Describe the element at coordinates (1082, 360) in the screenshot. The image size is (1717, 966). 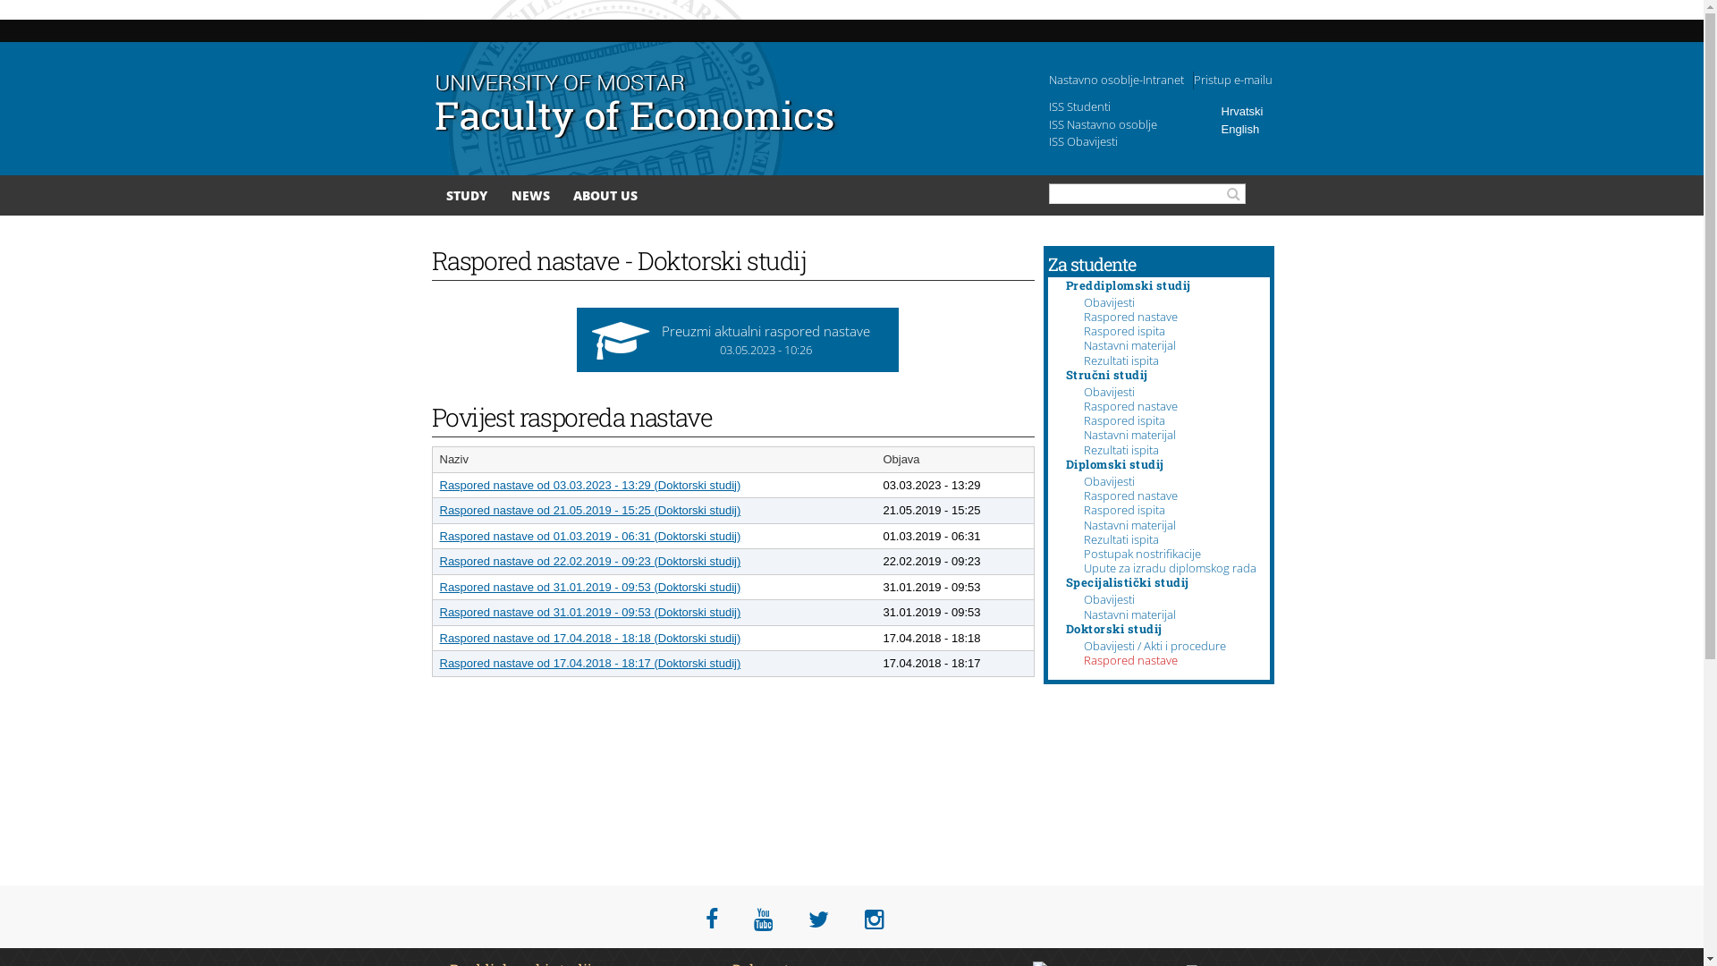
I see `'Rezultati ispita'` at that location.